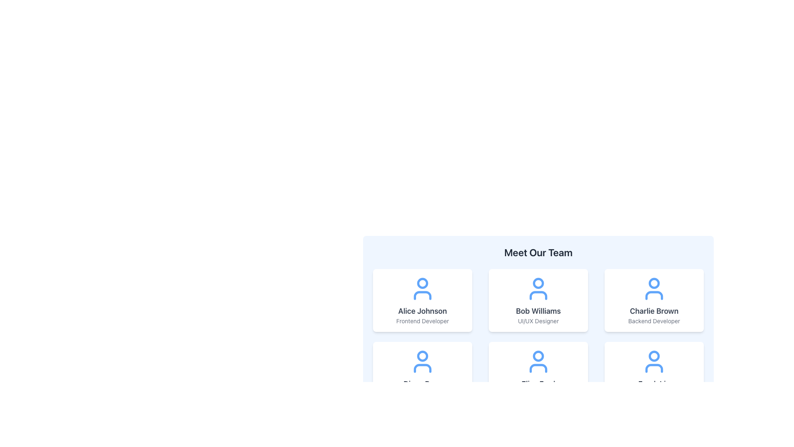  What do you see at coordinates (538, 325) in the screenshot?
I see `the interactive subsections of the team introduction section that is centrally located and showcases team members in a grid layout` at bounding box center [538, 325].